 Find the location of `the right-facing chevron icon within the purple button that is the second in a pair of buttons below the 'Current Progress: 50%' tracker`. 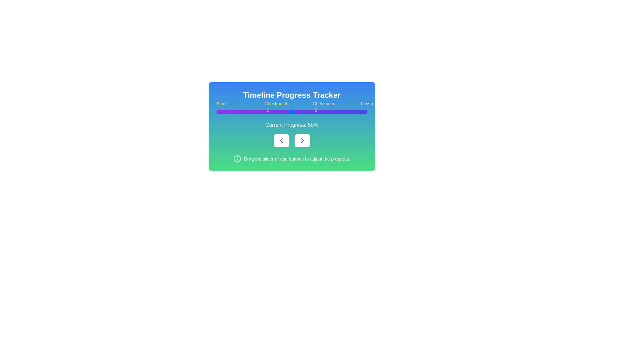

the right-facing chevron icon within the purple button that is the second in a pair of buttons below the 'Current Progress: 50%' tracker is located at coordinates (302, 140).